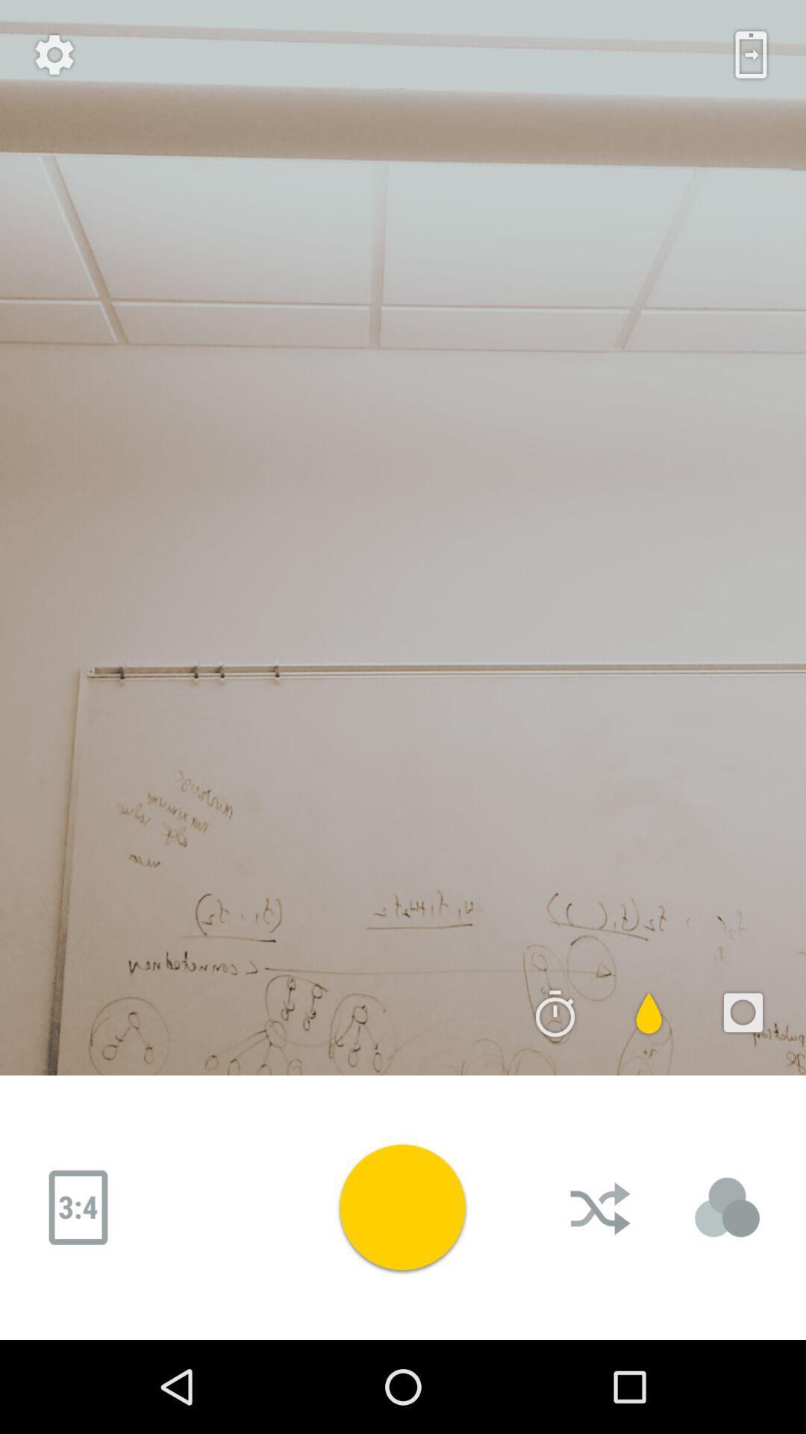  Describe the element at coordinates (555, 1013) in the screenshot. I see `the time icon` at that location.